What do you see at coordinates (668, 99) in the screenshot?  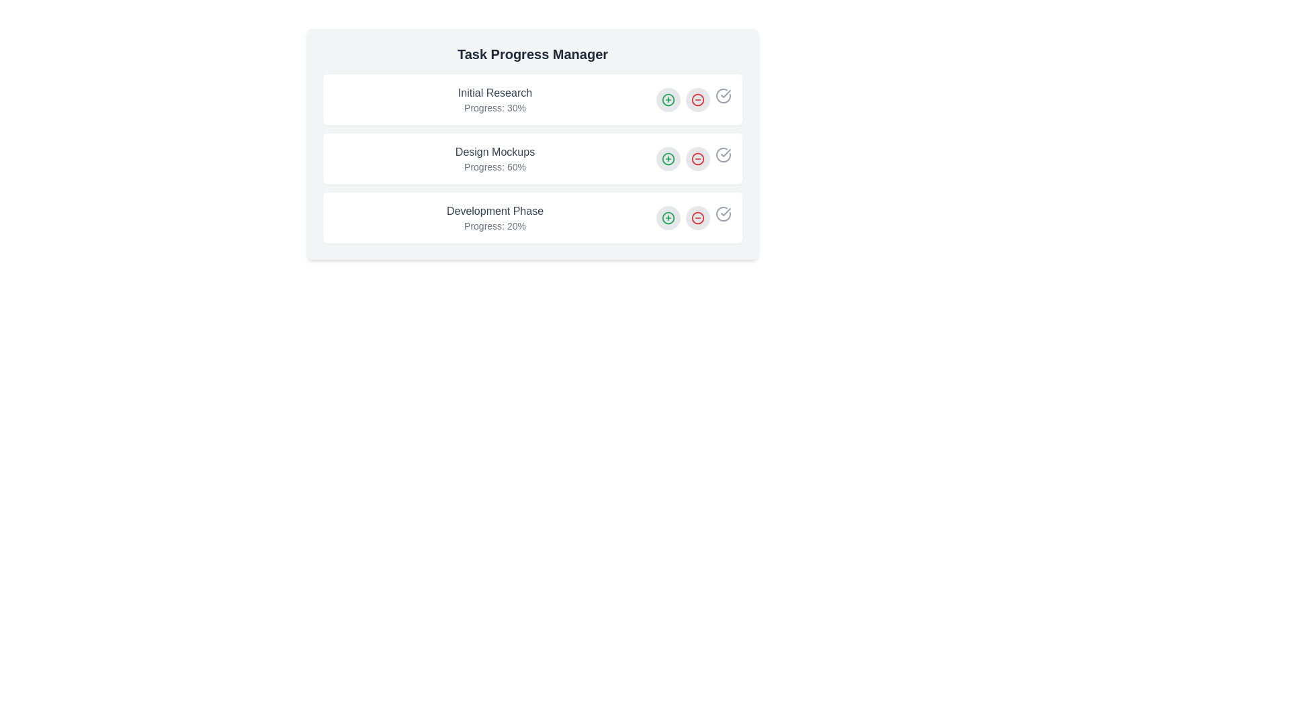 I see `the first button in the horizontal set of three buttons, located to the right of the 'Initial Research' task, for keyboard interaction` at bounding box center [668, 99].